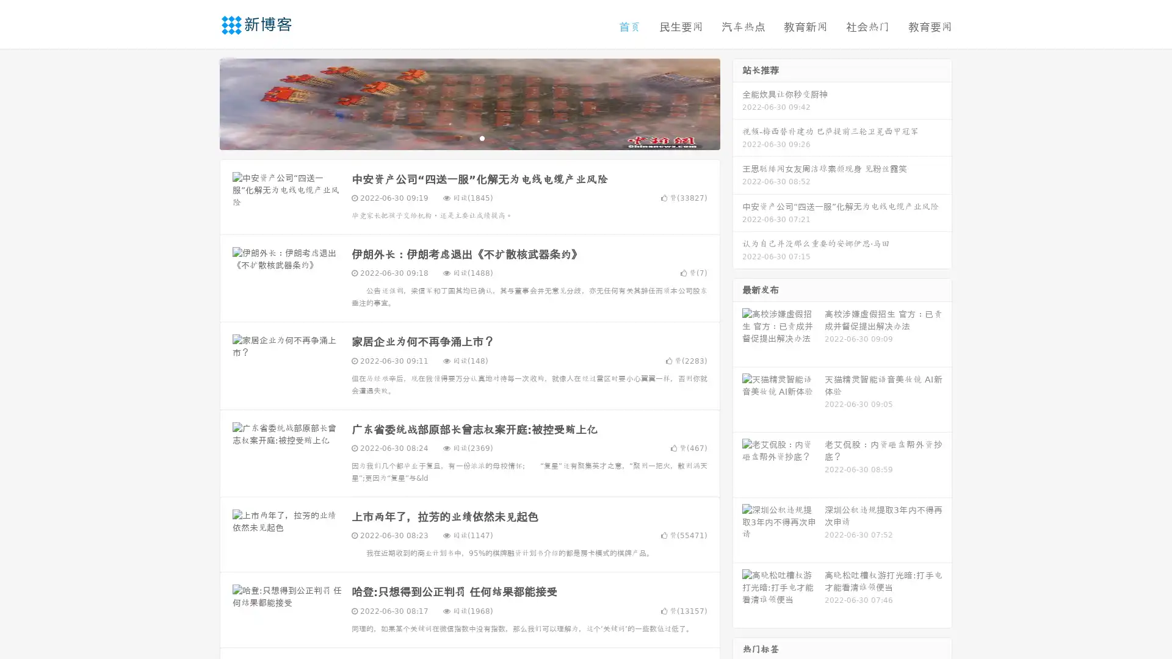 The width and height of the screenshot is (1172, 659). I want to click on Go to slide 1, so click(457, 137).